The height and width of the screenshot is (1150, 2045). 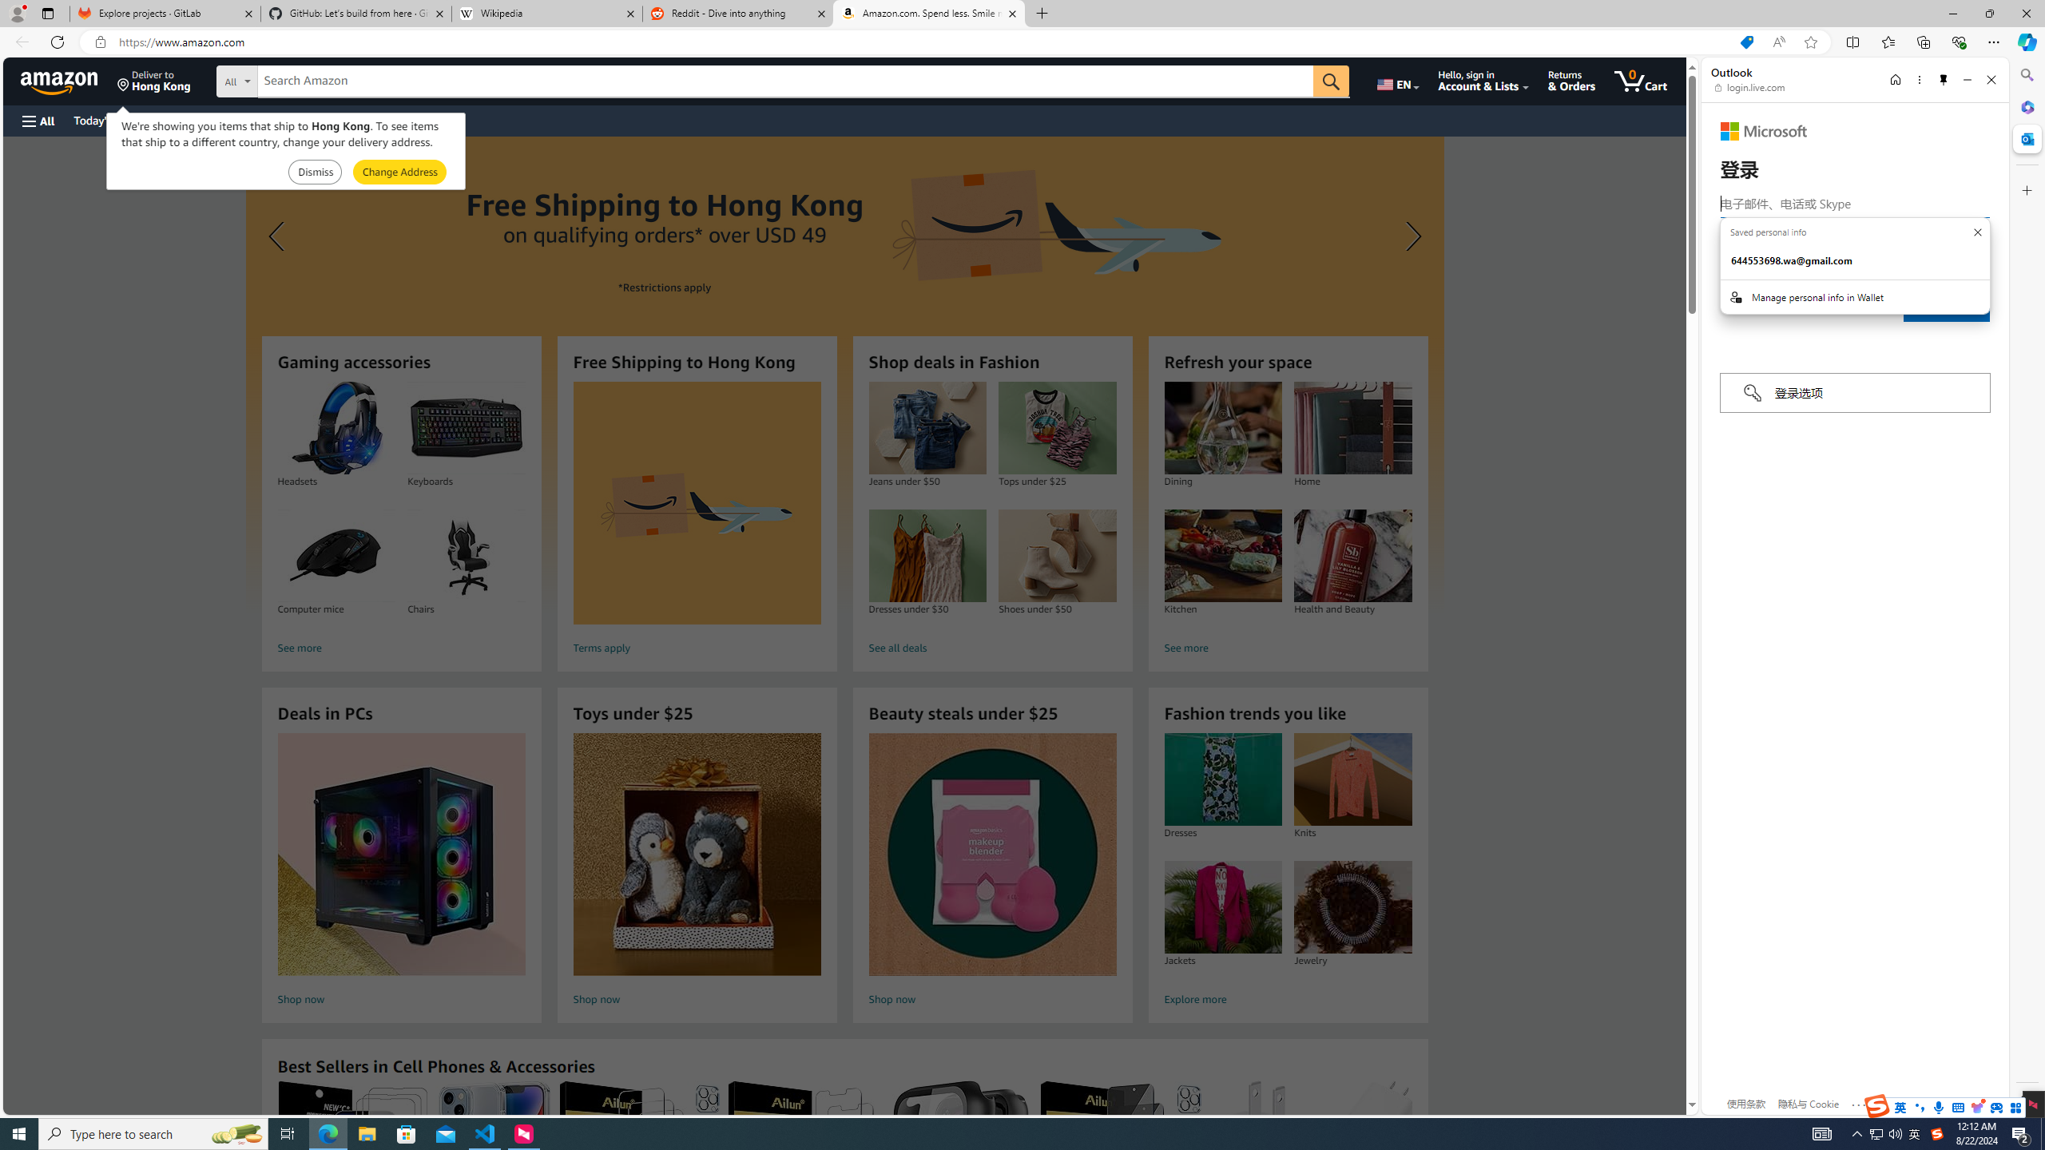 I want to click on 'Go', so click(x=1331, y=81).